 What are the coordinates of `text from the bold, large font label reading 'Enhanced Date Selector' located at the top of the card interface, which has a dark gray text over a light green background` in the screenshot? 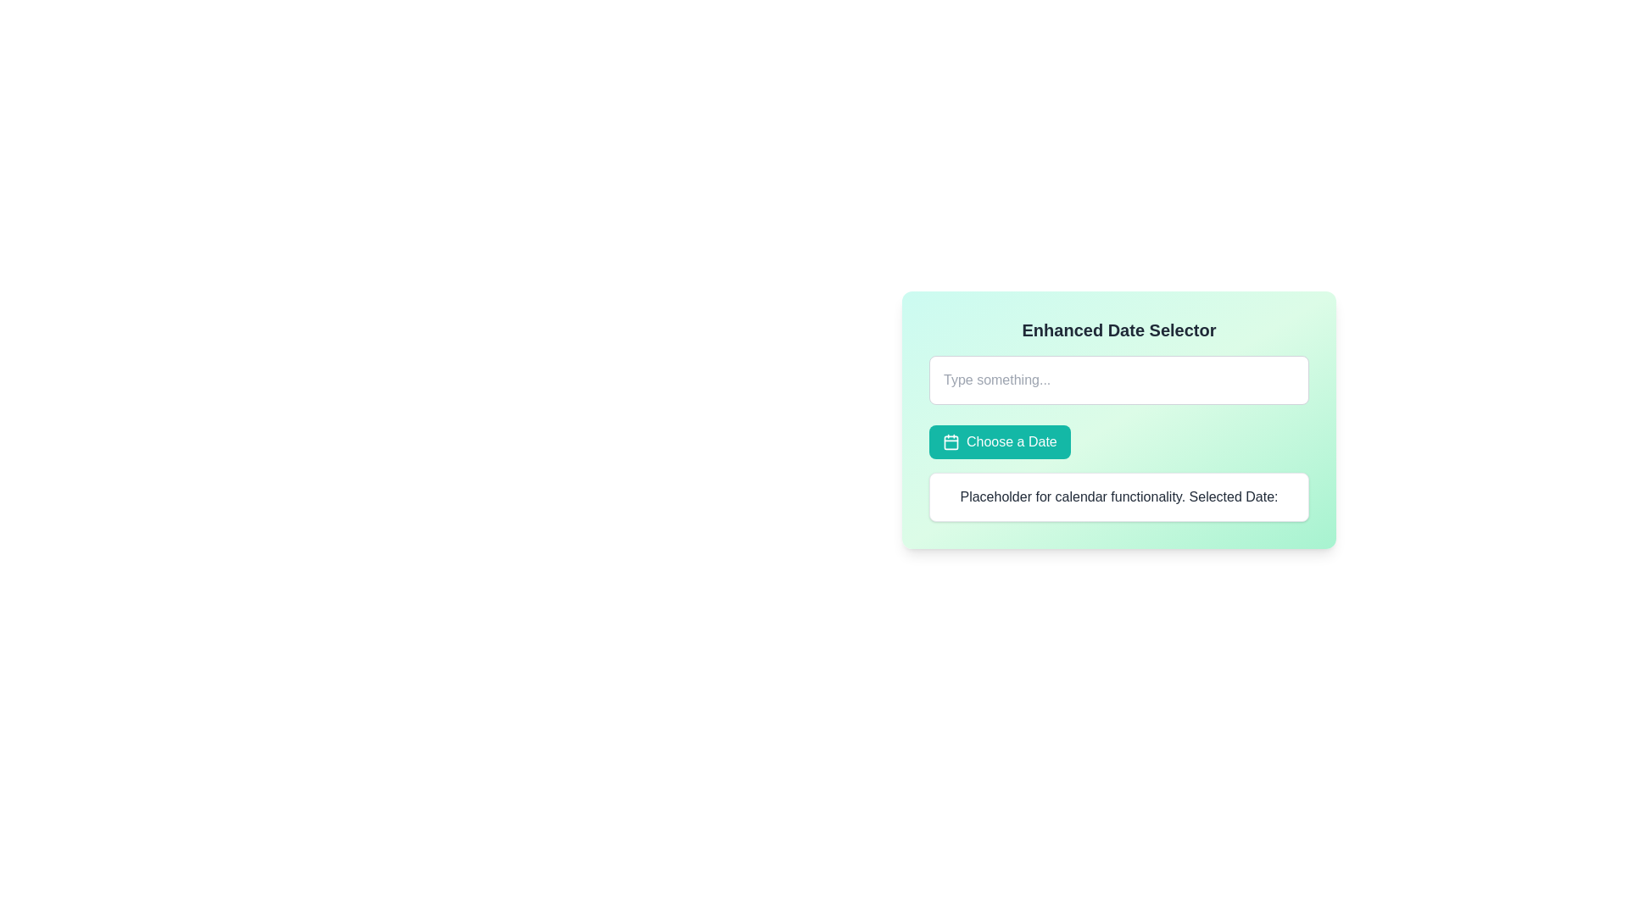 It's located at (1119, 330).